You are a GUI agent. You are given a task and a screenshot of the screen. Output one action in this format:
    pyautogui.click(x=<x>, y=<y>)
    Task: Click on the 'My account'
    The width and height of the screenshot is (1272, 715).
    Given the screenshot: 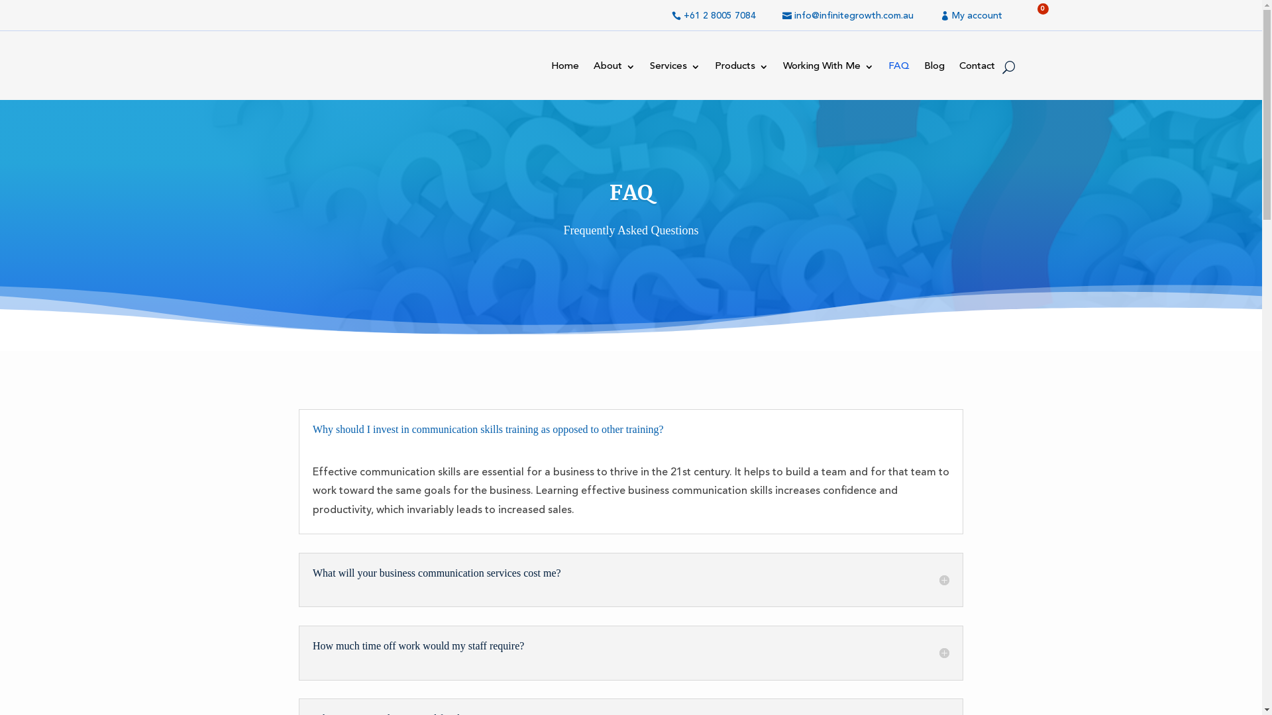 What is the action you would take?
    pyautogui.click(x=971, y=16)
    